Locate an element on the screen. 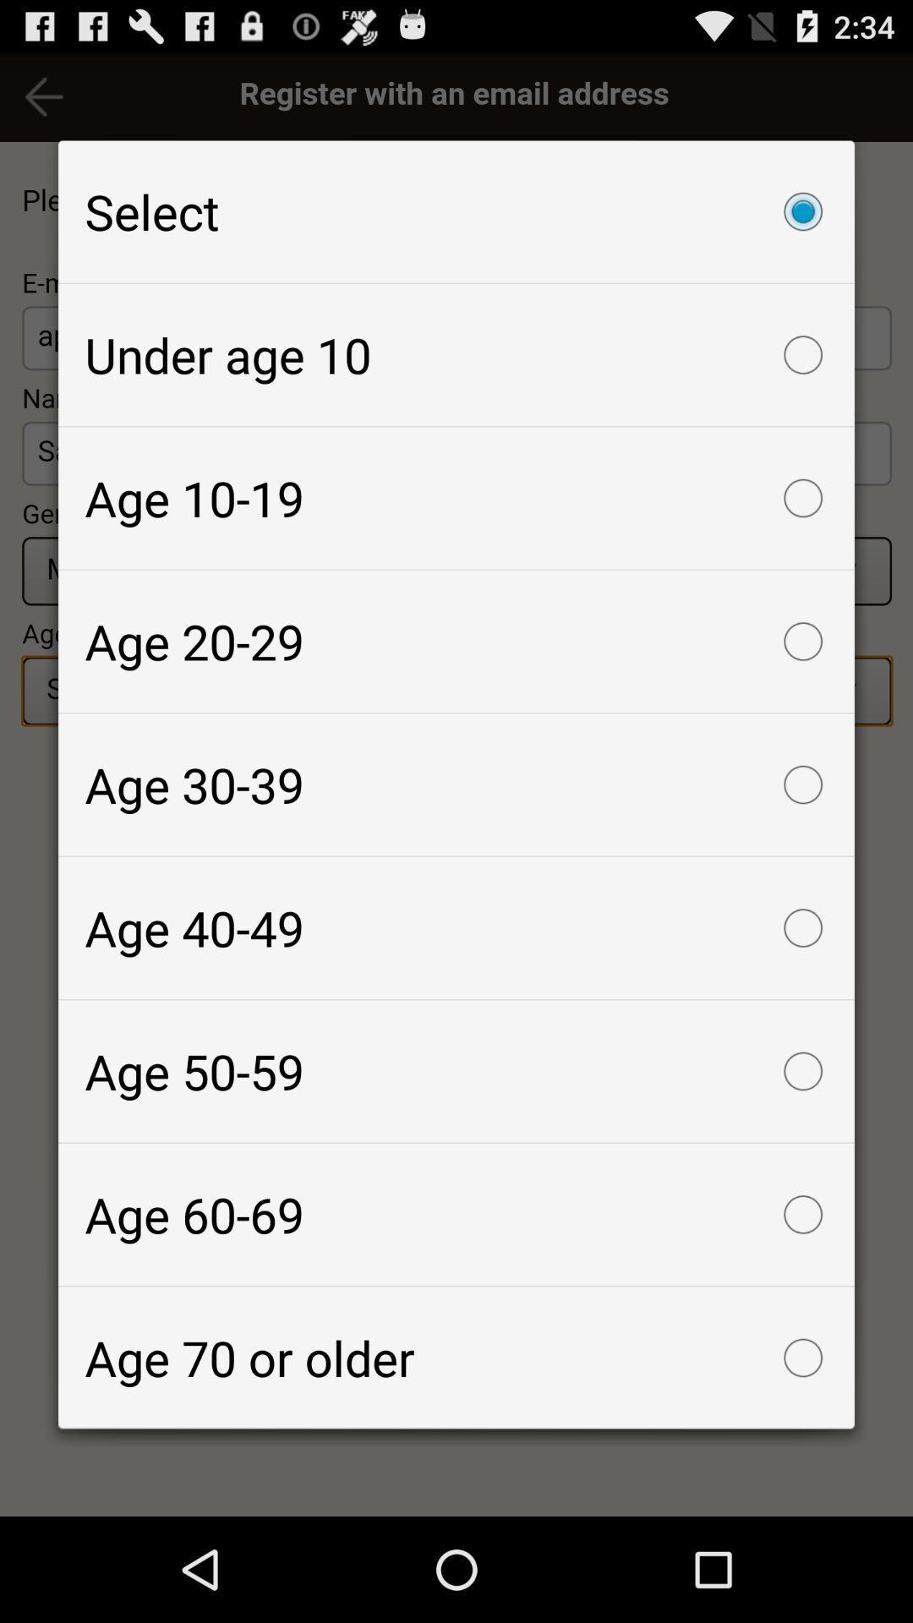  the checkbox below the age 20-29 checkbox is located at coordinates (456, 784).